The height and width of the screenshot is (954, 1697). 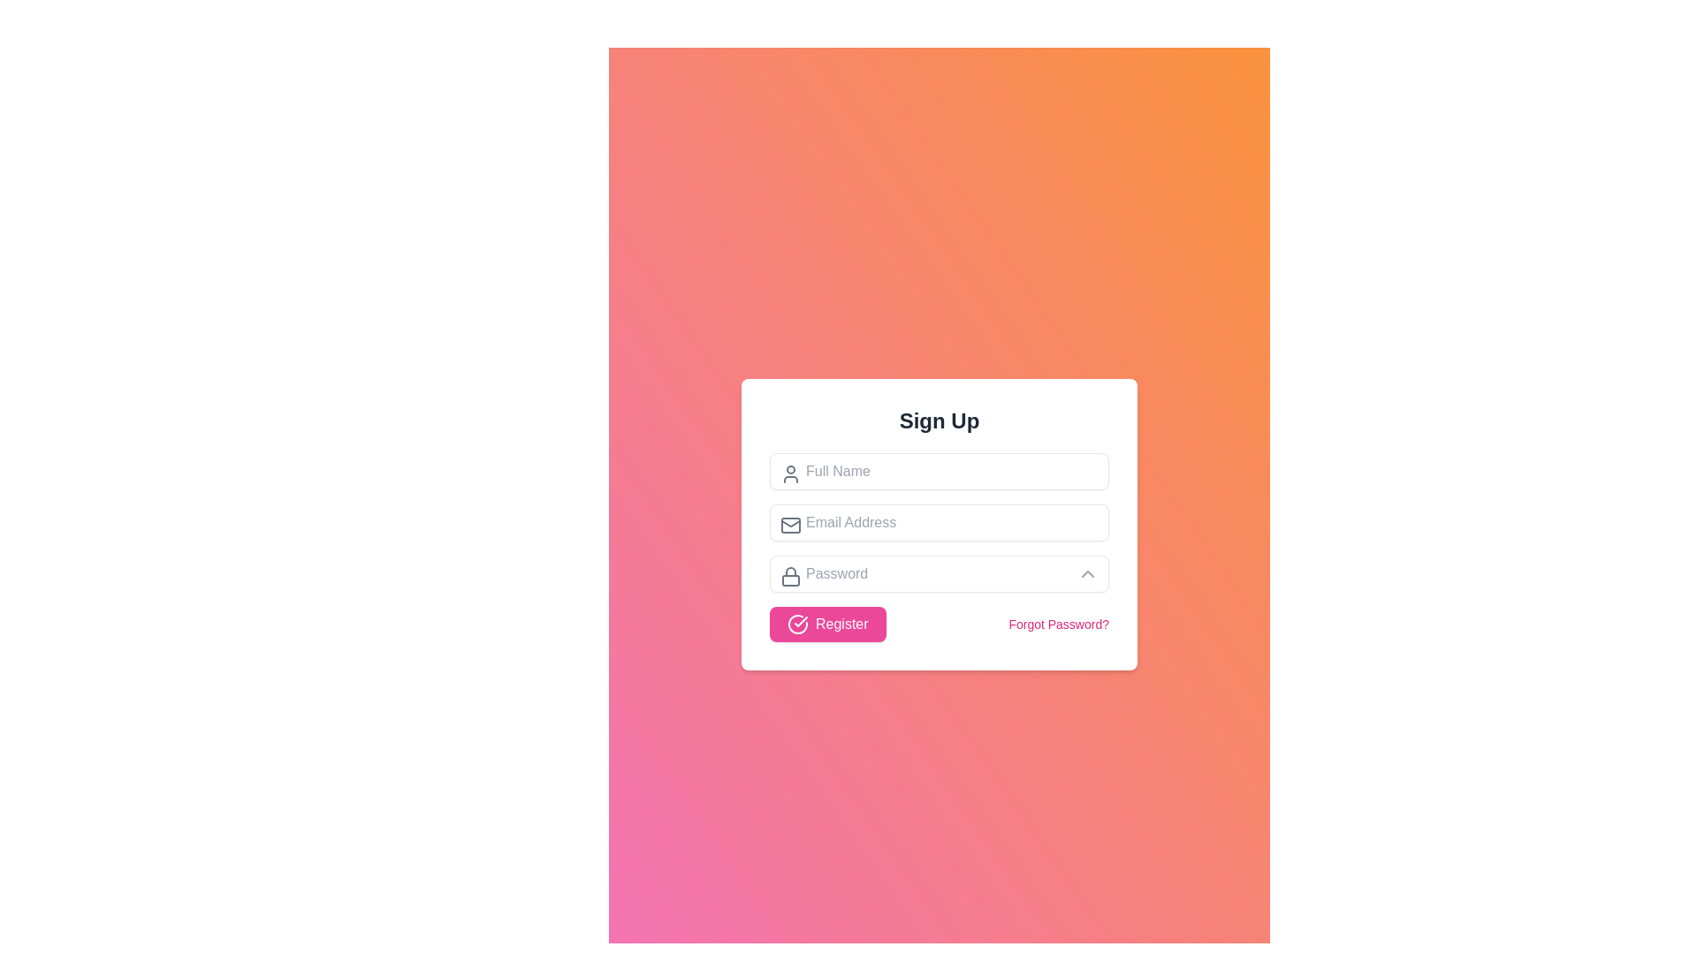 What do you see at coordinates (1086, 574) in the screenshot?
I see `the button with an upward-pointing chevron icon located at the right side of the password input field` at bounding box center [1086, 574].